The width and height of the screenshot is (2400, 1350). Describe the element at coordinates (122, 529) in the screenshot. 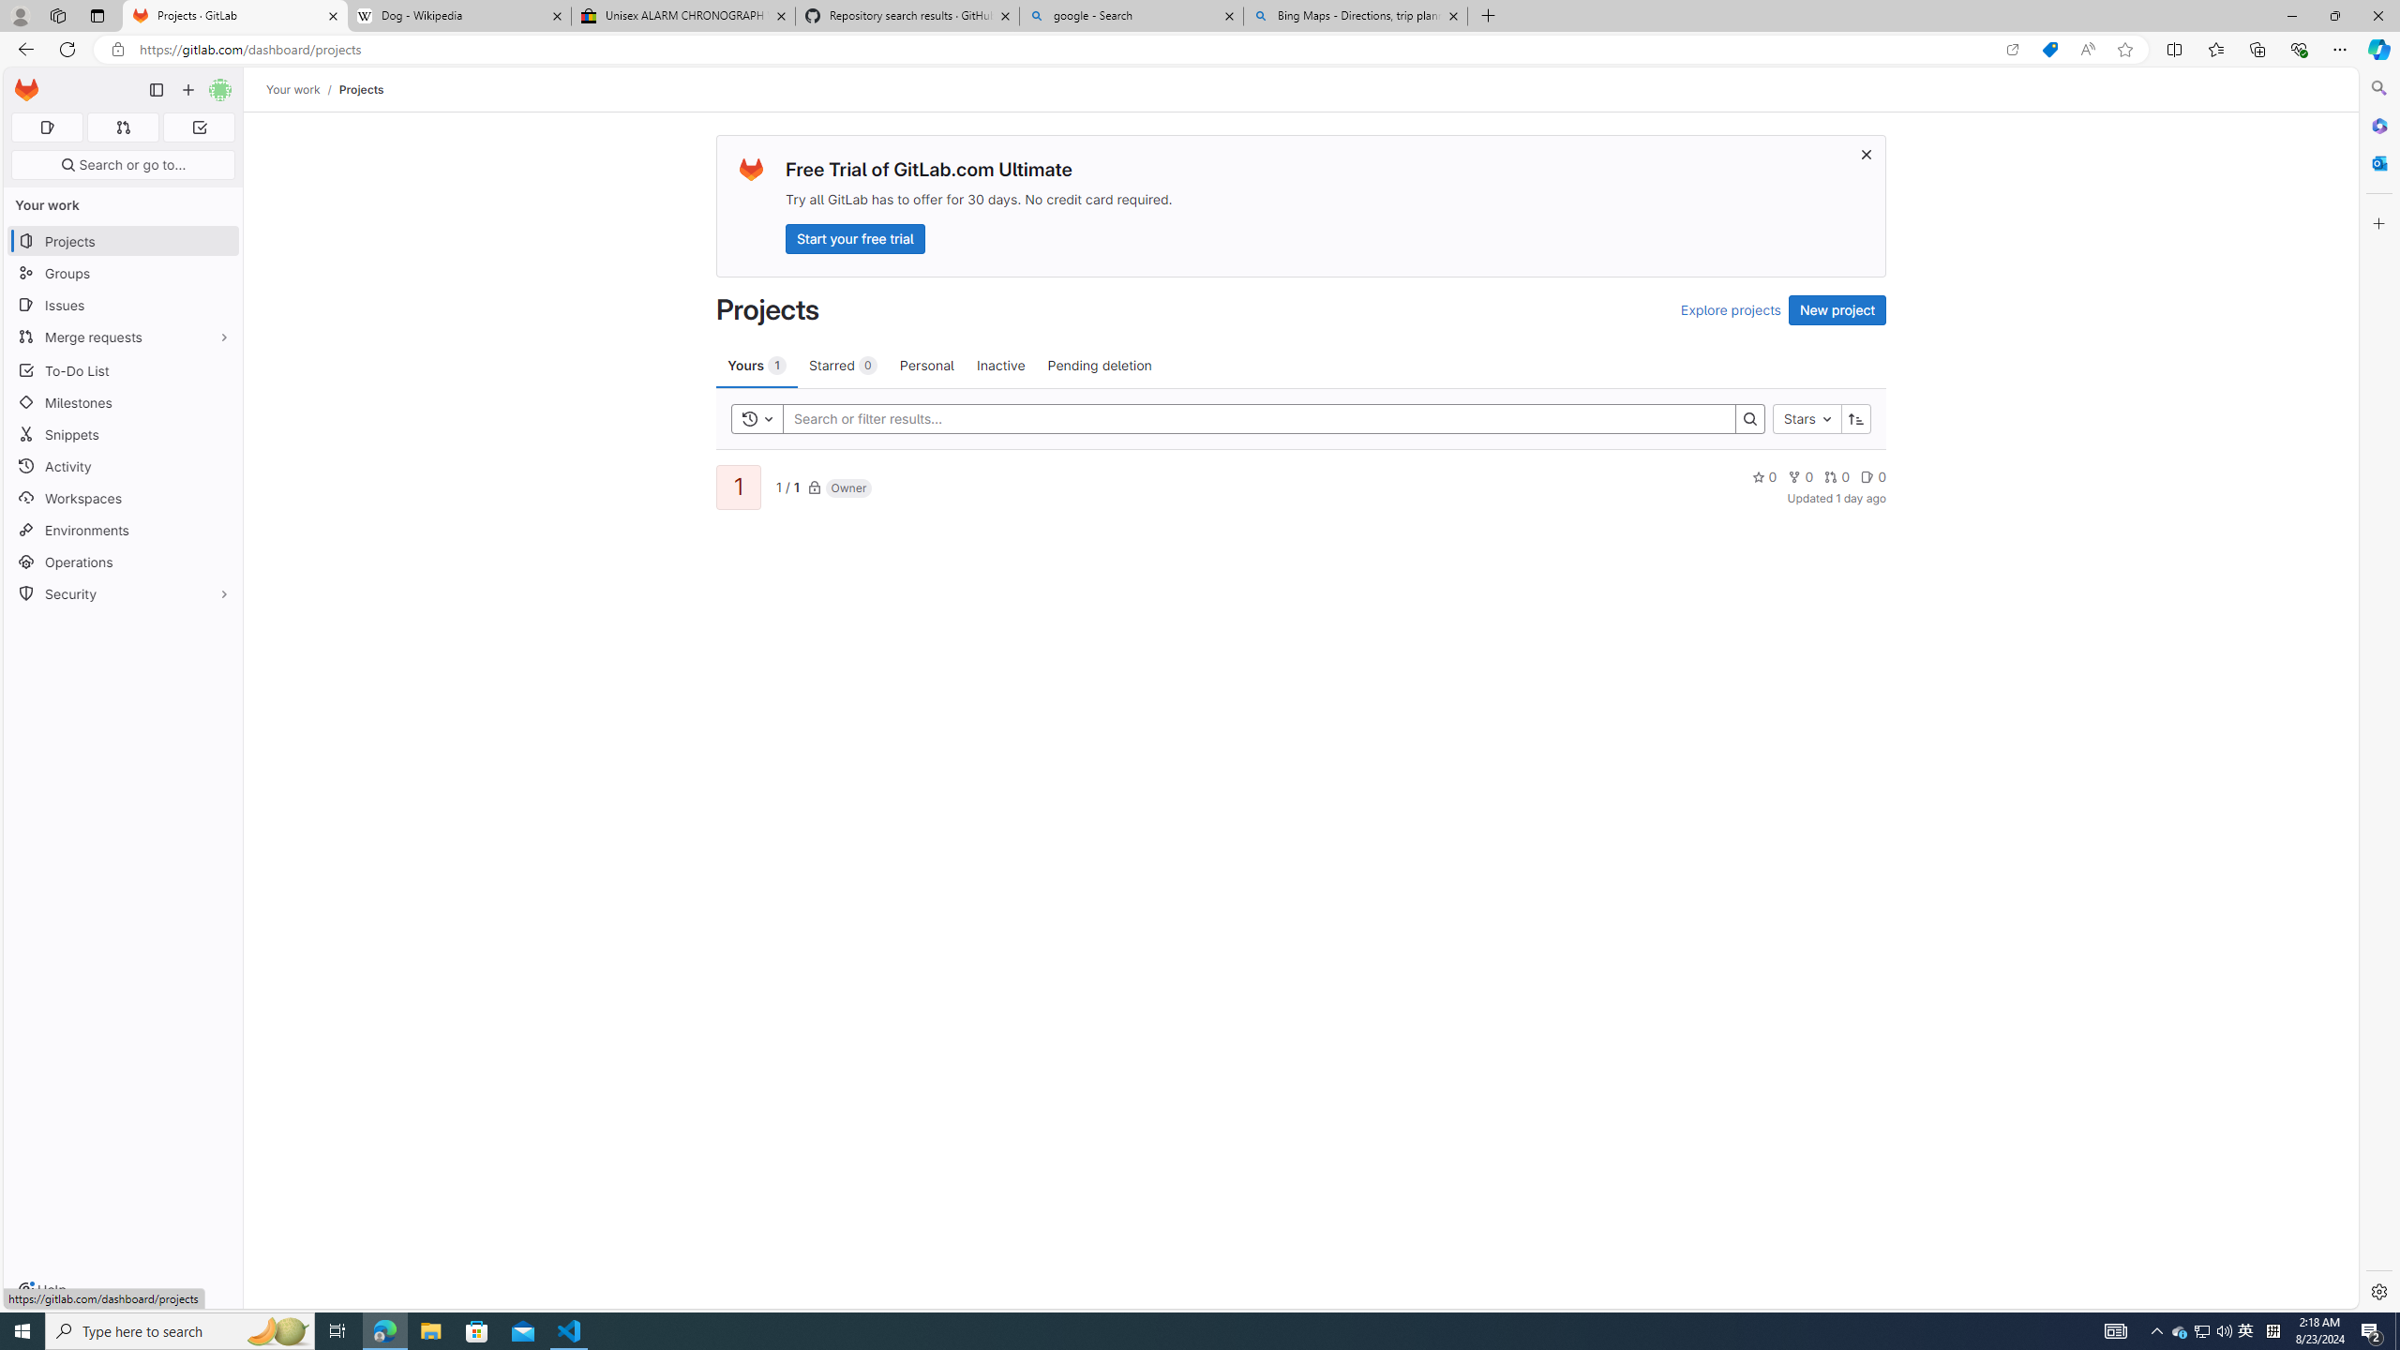

I see `'Environments'` at that location.